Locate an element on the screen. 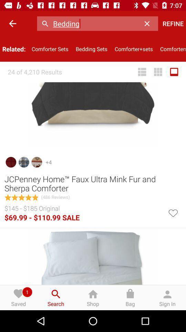 Image resolution: width=186 pixels, height=332 pixels. the icon below refine is located at coordinates (171, 48).